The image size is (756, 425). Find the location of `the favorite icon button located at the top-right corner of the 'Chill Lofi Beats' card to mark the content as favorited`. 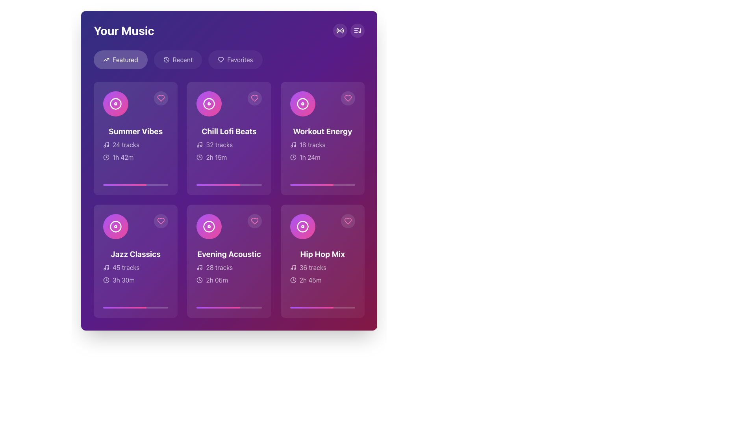

the favorite icon button located at the top-right corner of the 'Chill Lofi Beats' card to mark the content as favorited is located at coordinates (254, 98).